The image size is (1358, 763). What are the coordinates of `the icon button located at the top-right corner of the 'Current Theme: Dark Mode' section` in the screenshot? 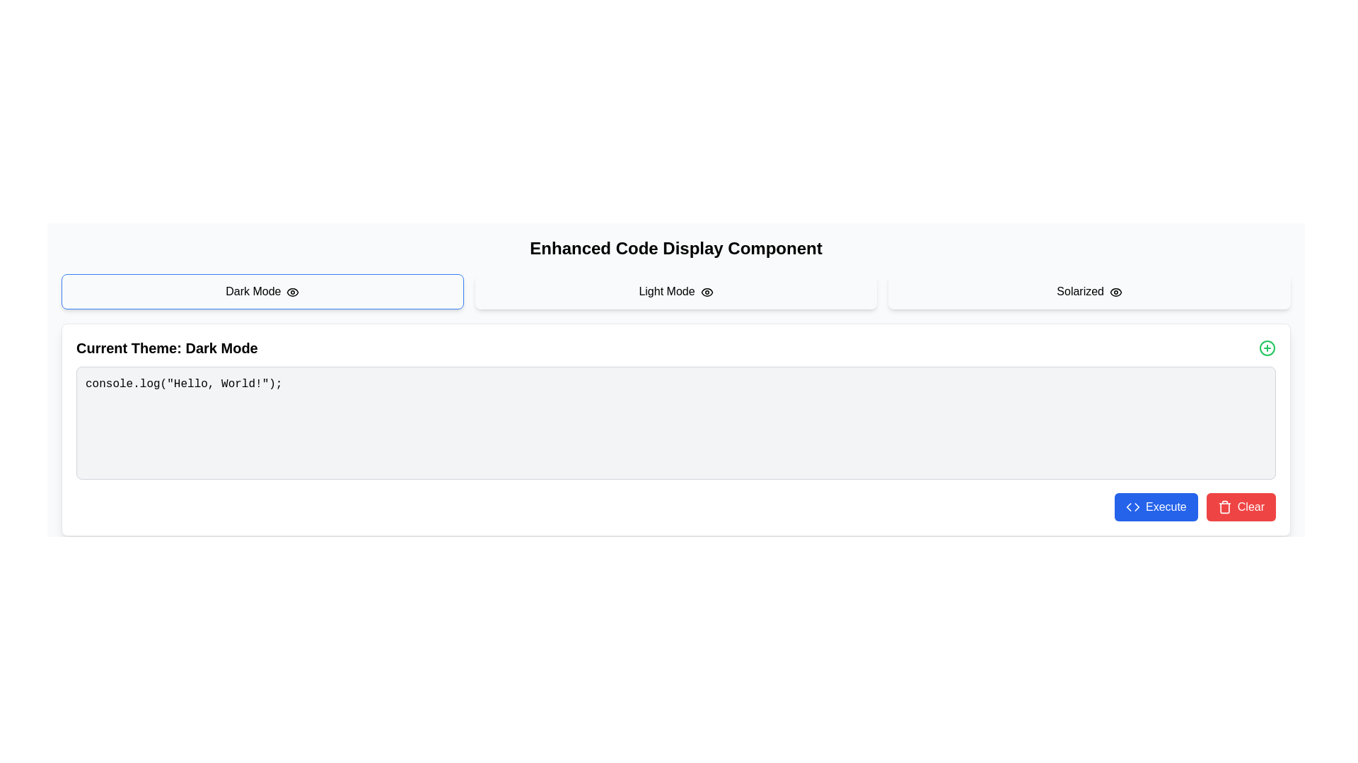 It's located at (1267, 348).